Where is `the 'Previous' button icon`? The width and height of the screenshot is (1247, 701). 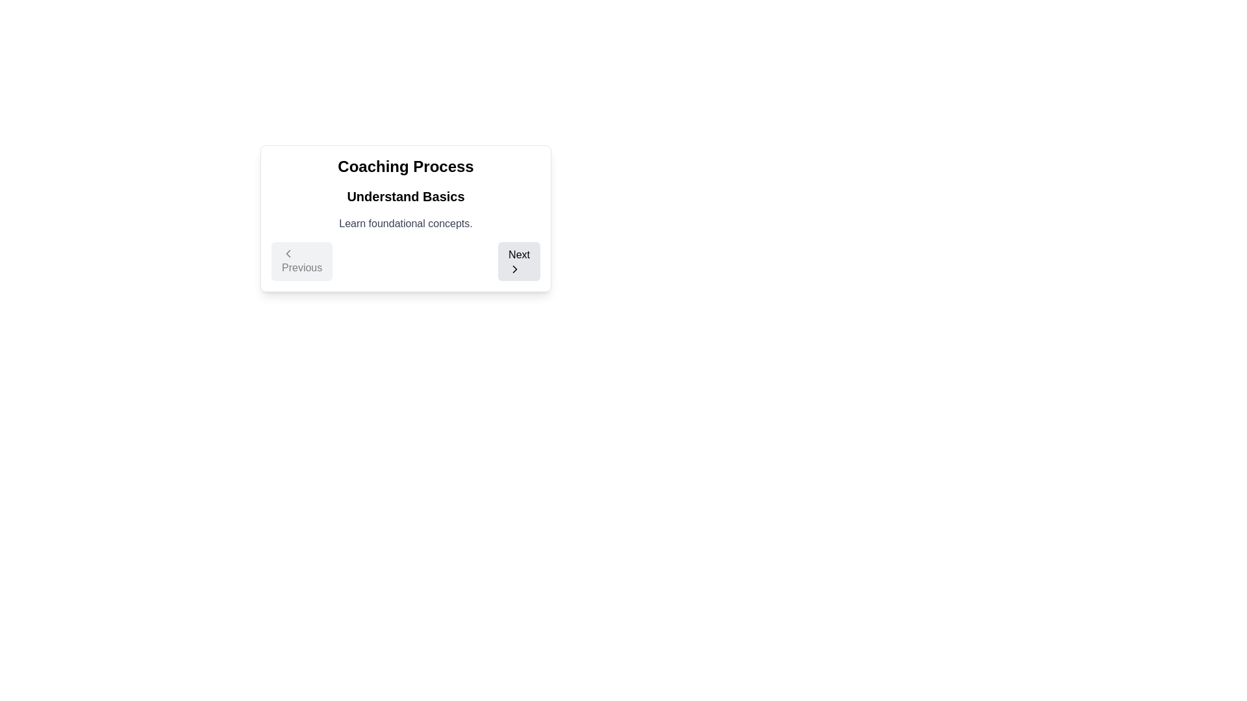 the 'Previous' button icon is located at coordinates (288, 253).